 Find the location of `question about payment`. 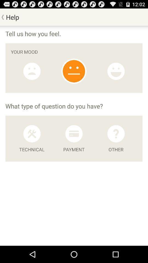

question about payment is located at coordinates (74, 133).